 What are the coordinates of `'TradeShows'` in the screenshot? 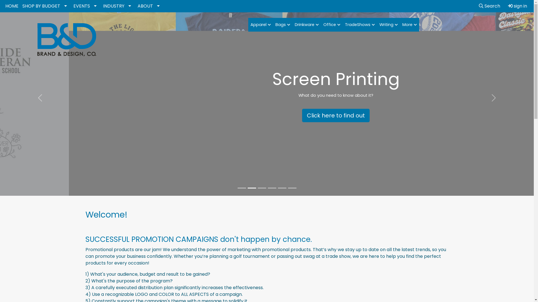 It's located at (360, 24).